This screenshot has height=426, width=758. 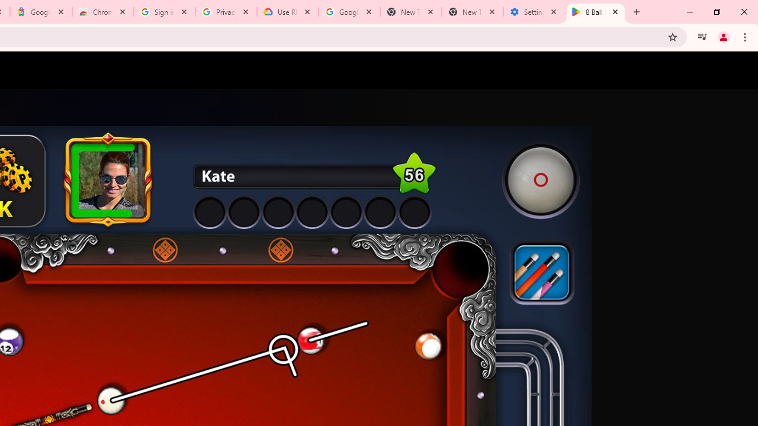 I want to click on '8 Ball Pool - Apps on Google Play', so click(x=596, y=12).